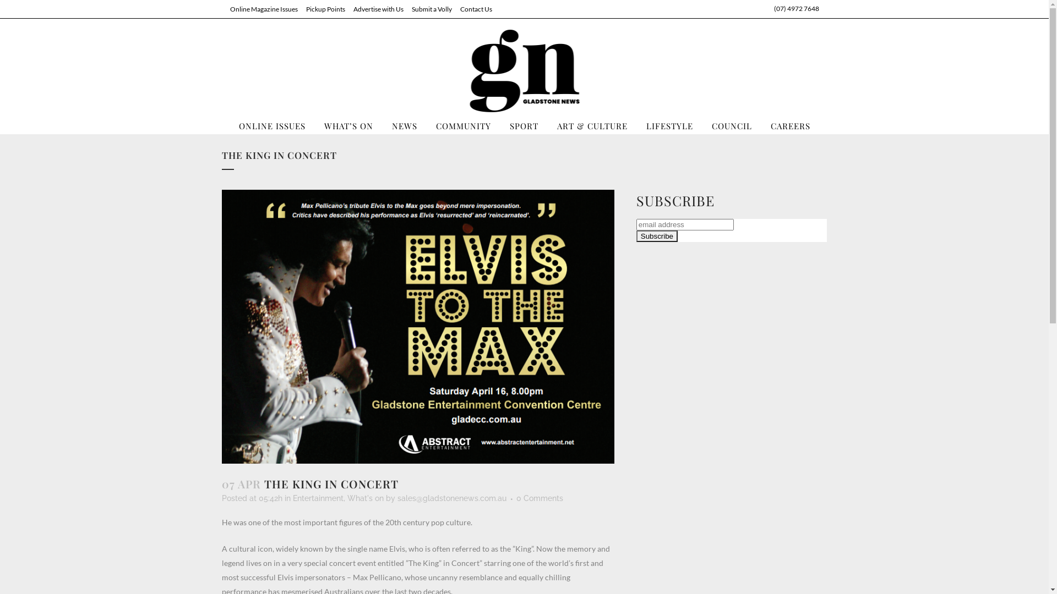  I want to click on '(07) 4972 7648', so click(773, 8).